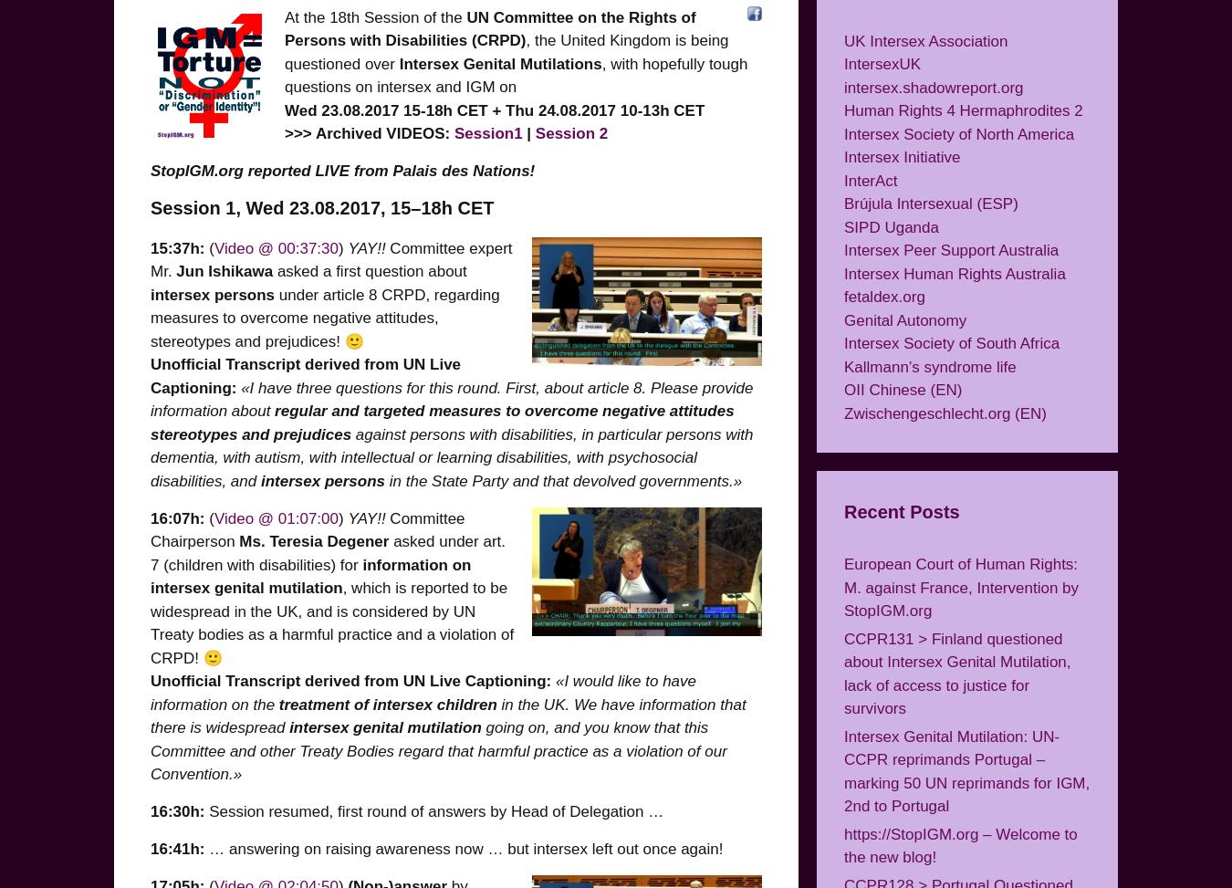  I want to click on 'Brújula Intersexual (ESP)', so click(843, 203).